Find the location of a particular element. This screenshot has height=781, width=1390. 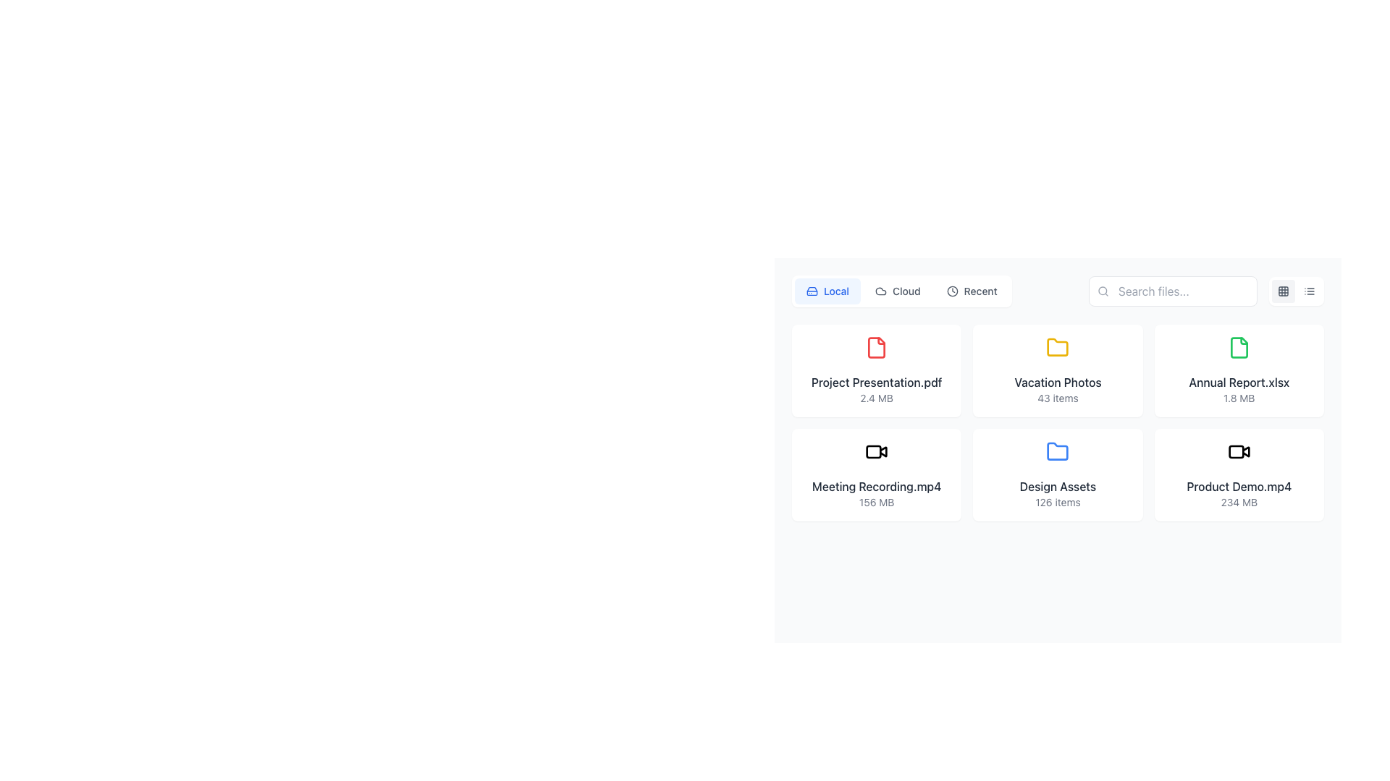

the folder card containing 126 design assets, which is the fifth card in a six-card grid layout is located at coordinates (1058, 474).